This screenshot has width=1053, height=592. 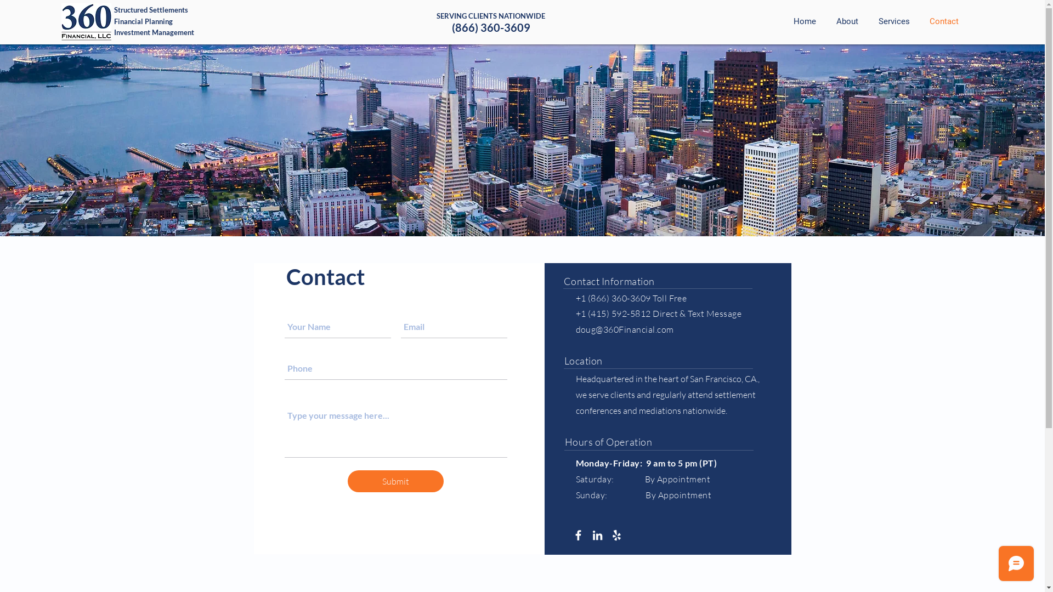 What do you see at coordinates (395, 481) in the screenshot?
I see `'Submit'` at bounding box center [395, 481].